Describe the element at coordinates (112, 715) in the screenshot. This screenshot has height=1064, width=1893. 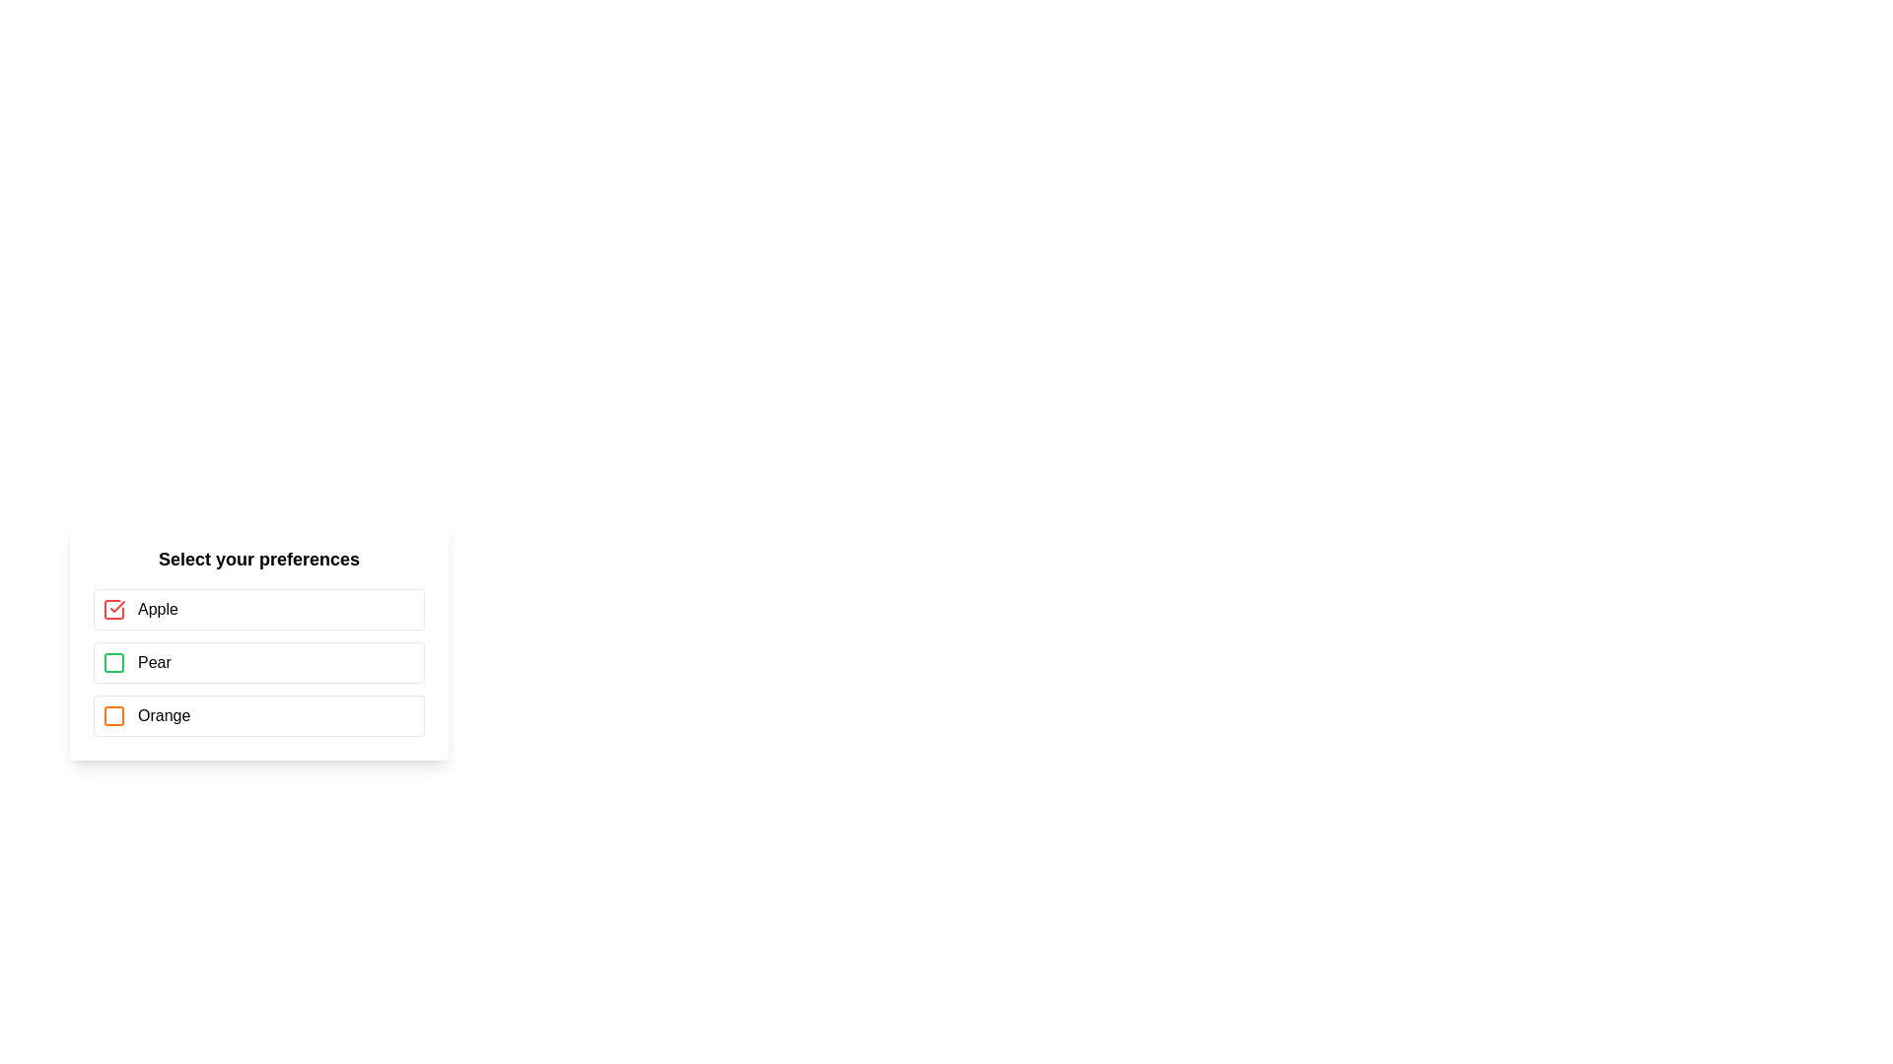
I see `the small orange square checkbox adjacent to the word 'Orange'` at that location.